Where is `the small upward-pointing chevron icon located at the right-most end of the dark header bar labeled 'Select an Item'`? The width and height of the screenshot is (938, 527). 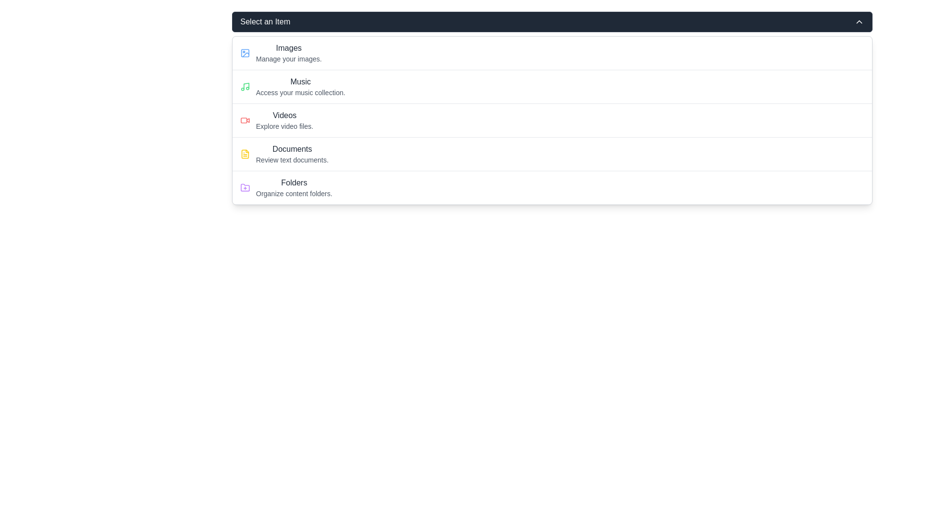 the small upward-pointing chevron icon located at the right-most end of the dark header bar labeled 'Select an Item' is located at coordinates (858, 22).